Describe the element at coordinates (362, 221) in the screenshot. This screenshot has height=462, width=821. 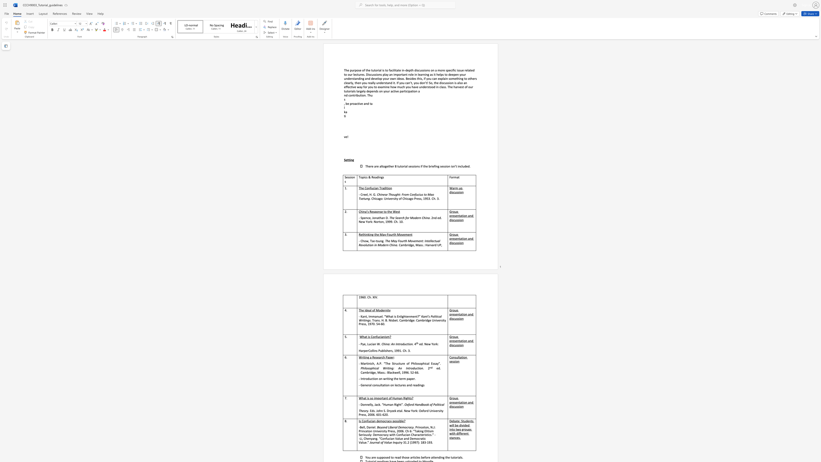
I see `the subset text "w York" within the text ". 2nd ed. New York: Norton, 1999. Ch. 10."` at that location.